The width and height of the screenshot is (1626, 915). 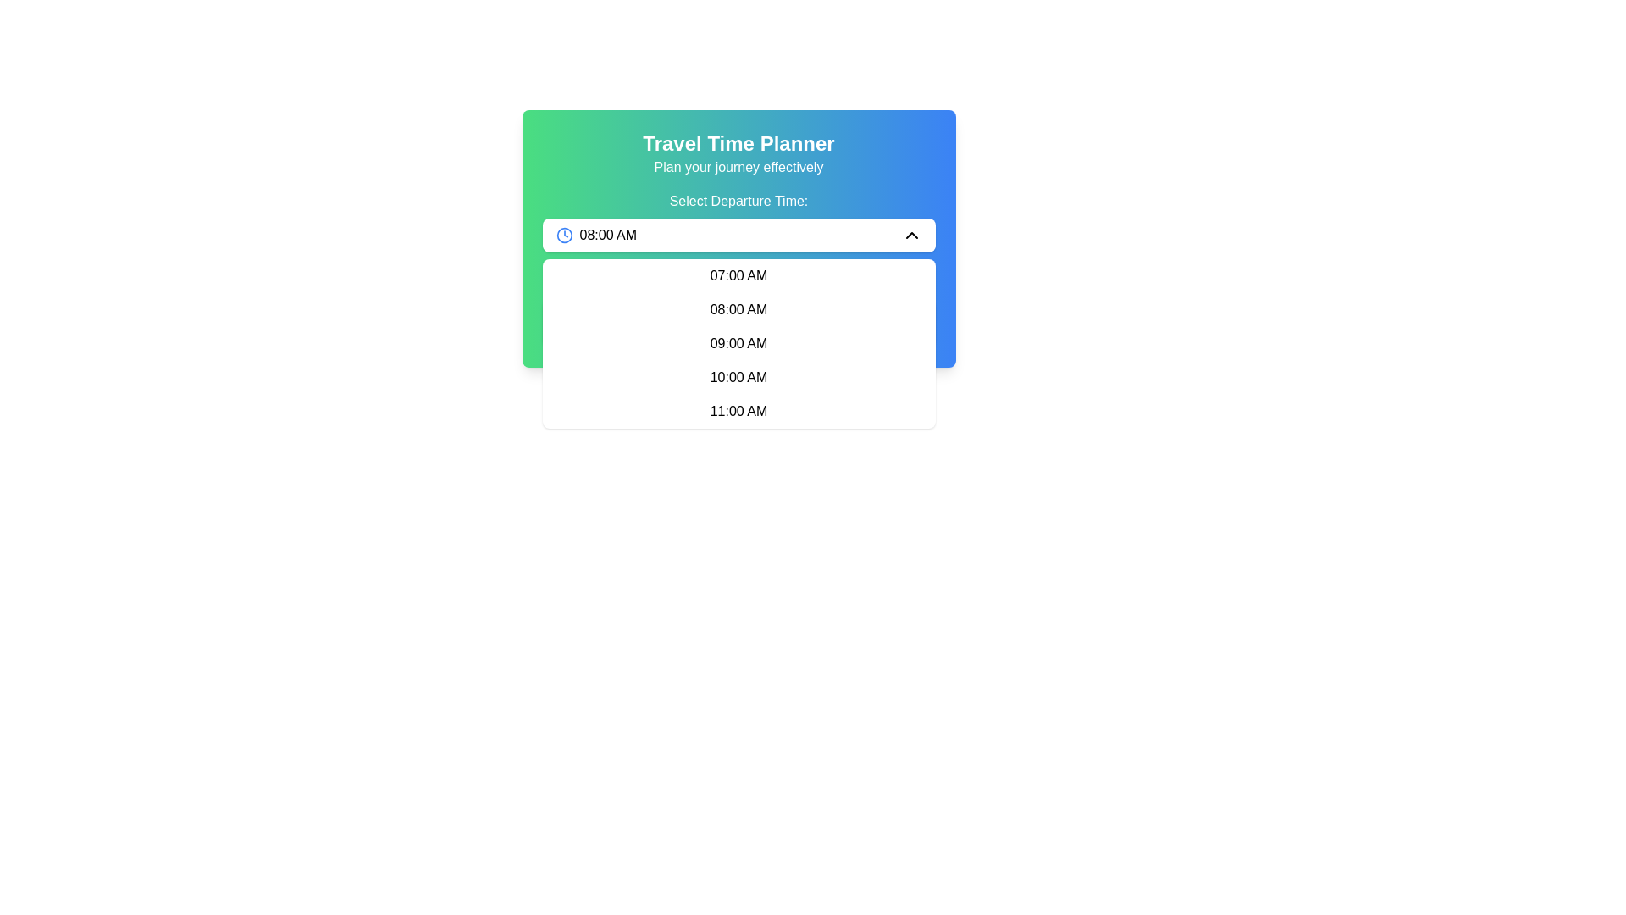 I want to click on the graphic circle element that represents the outer frame of the clock icon, located to the left of the '08:00 AM' text, so click(x=564, y=235).